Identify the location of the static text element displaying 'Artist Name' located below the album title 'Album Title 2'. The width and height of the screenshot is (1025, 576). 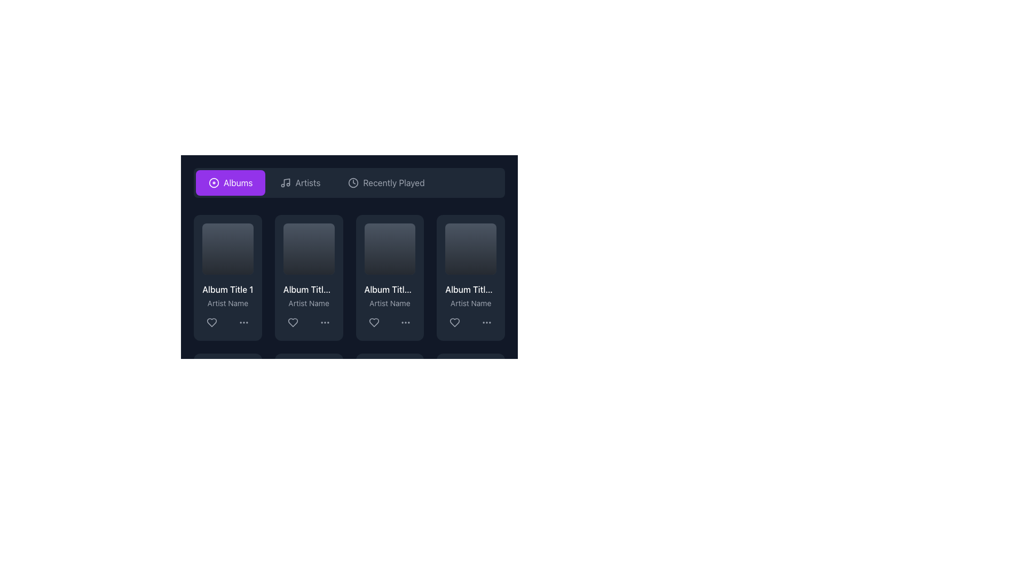
(308, 303).